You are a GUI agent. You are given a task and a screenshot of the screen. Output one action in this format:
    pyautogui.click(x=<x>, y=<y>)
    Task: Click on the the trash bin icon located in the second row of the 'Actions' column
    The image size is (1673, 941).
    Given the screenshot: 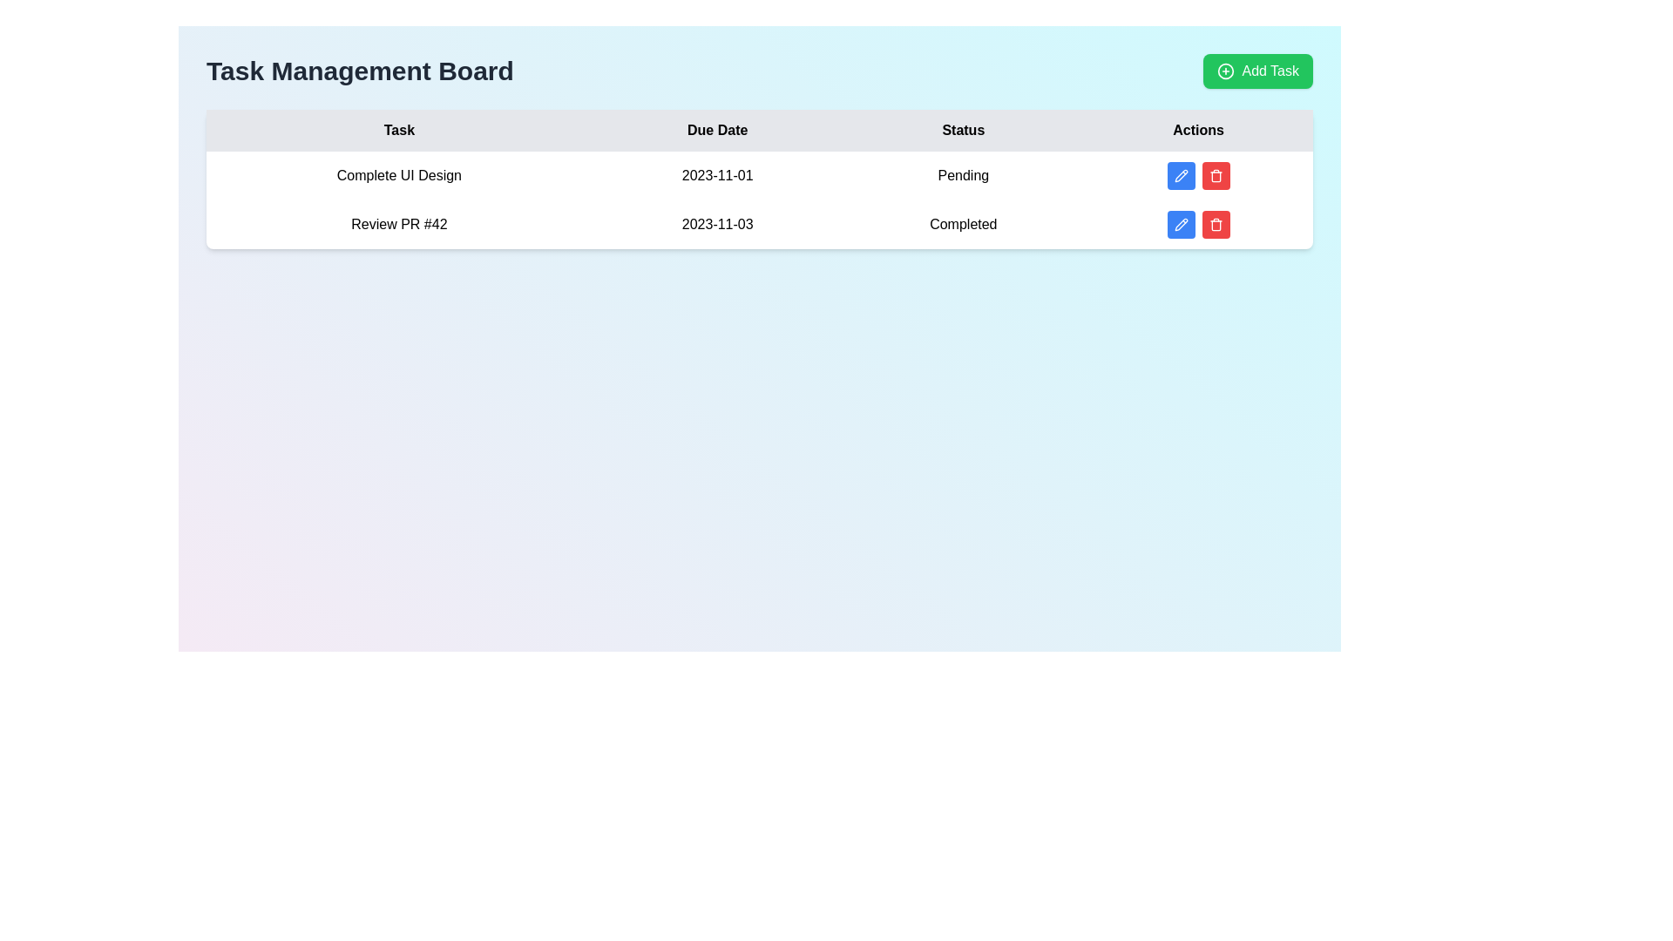 What is the action you would take?
    pyautogui.click(x=1215, y=177)
    